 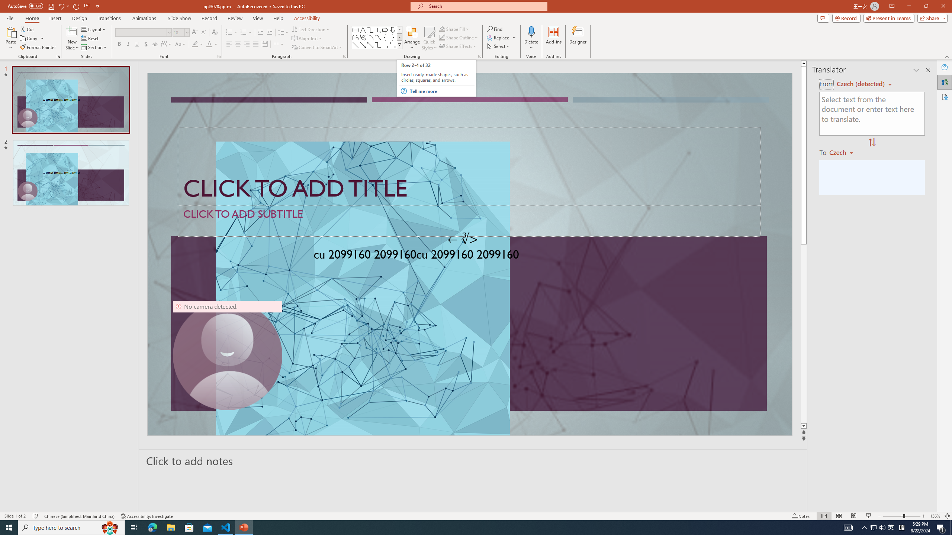 What do you see at coordinates (377, 37) in the screenshot?
I see `'Curve'` at bounding box center [377, 37].